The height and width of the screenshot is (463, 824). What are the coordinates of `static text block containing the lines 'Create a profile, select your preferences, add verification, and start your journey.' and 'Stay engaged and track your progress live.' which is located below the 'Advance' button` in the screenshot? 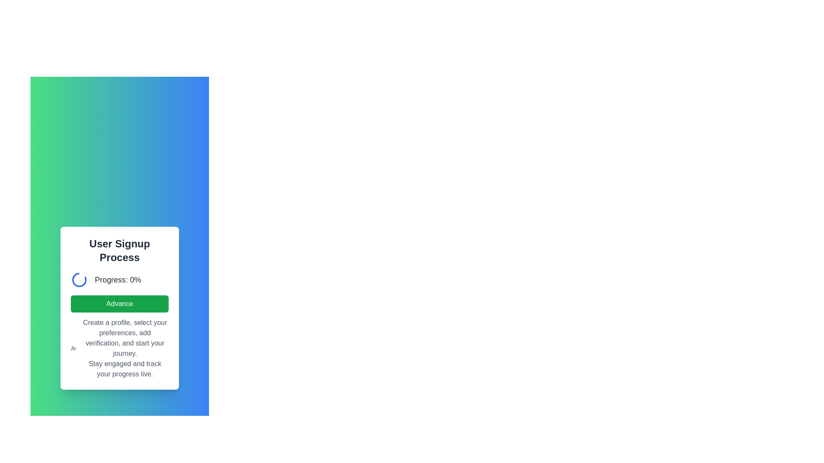 It's located at (124, 349).